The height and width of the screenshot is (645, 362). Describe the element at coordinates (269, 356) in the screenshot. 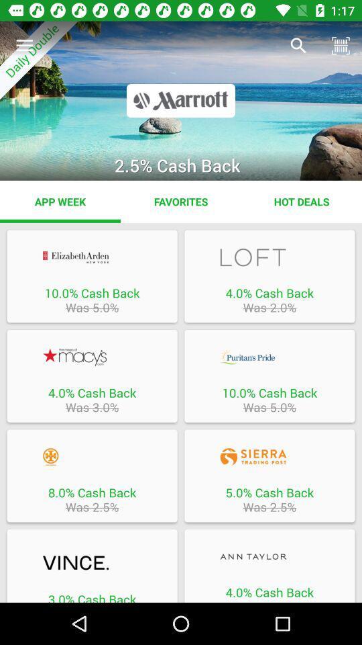

I see `choose this website` at that location.